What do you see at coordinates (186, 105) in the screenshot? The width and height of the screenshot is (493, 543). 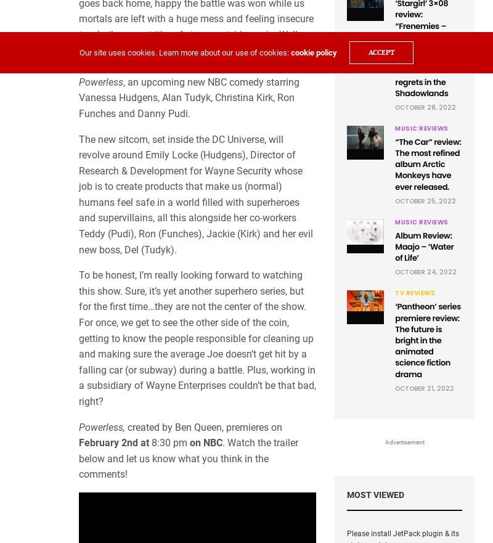 I see `'Ron Funches'` at bounding box center [186, 105].